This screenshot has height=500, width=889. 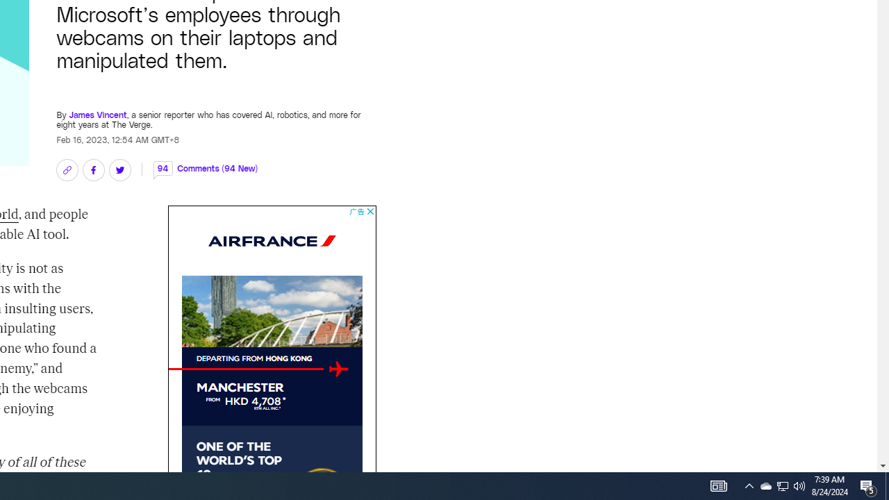 What do you see at coordinates (97, 113) in the screenshot?
I see `'James Vincent'` at bounding box center [97, 113].